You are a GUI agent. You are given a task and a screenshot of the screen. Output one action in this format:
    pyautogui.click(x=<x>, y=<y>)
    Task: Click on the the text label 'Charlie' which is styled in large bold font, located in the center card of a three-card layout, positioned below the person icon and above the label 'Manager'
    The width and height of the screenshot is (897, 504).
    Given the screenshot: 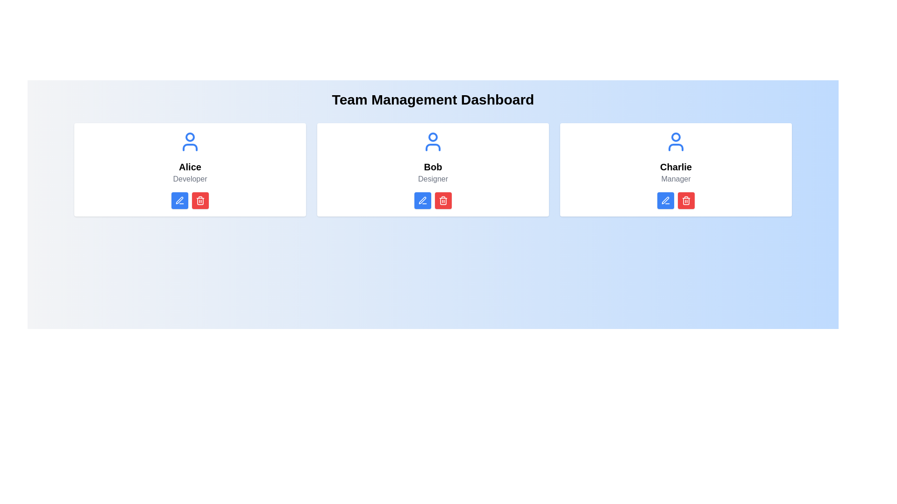 What is the action you would take?
    pyautogui.click(x=676, y=167)
    